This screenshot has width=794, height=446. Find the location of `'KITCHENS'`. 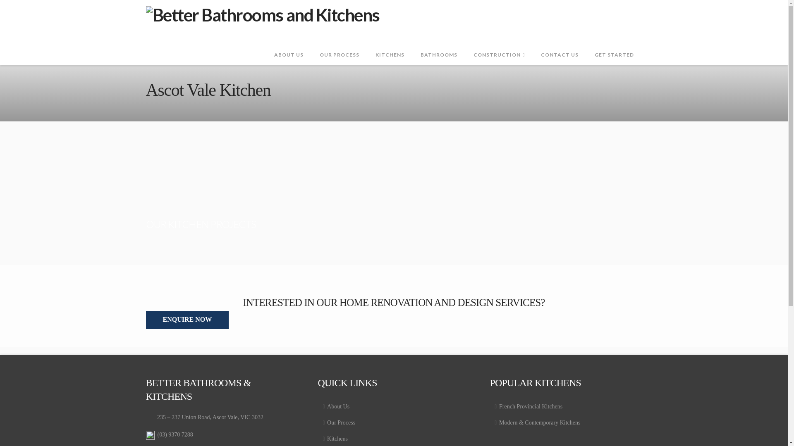

'KITCHENS' is located at coordinates (389, 46).